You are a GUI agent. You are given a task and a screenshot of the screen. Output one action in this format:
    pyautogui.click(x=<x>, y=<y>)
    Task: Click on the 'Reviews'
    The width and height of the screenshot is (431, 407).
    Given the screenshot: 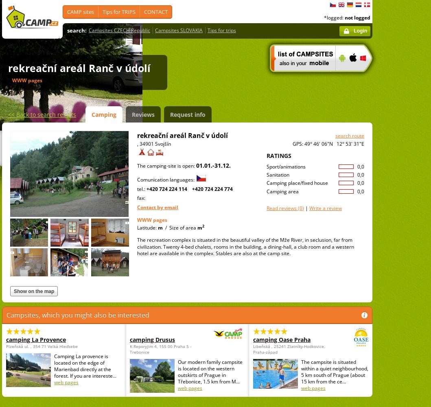 What is the action you would take?
    pyautogui.click(x=143, y=114)
    